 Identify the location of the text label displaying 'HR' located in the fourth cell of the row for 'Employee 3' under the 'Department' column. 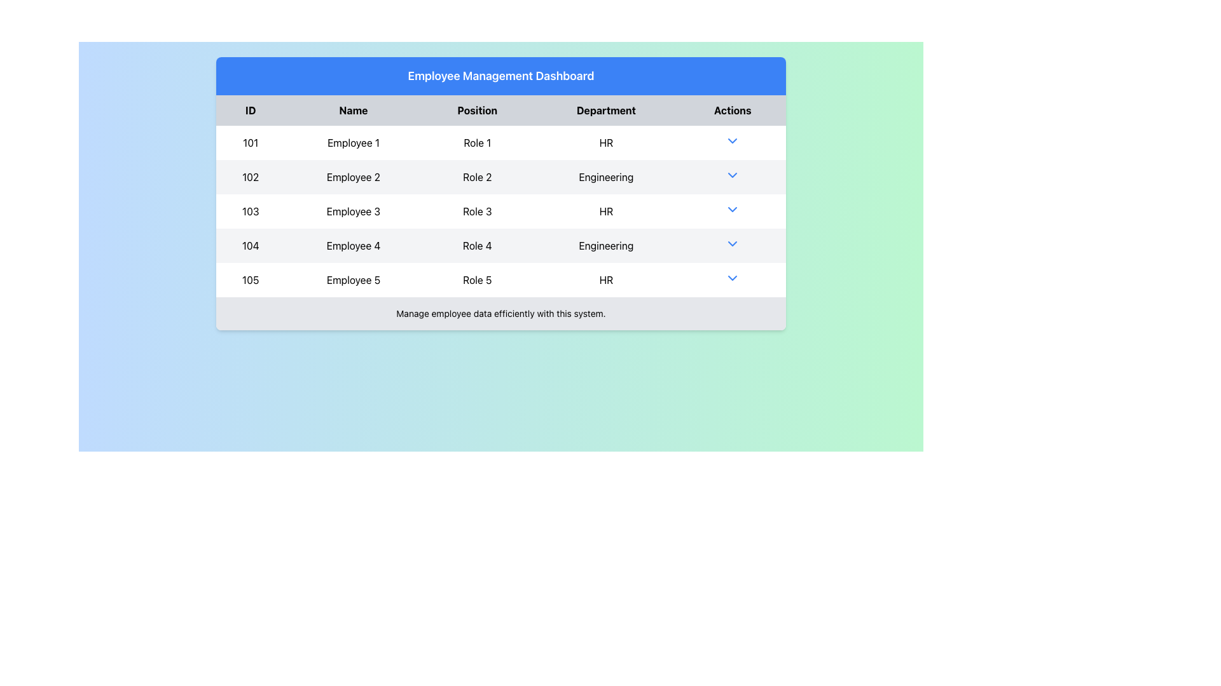
(605, 210).